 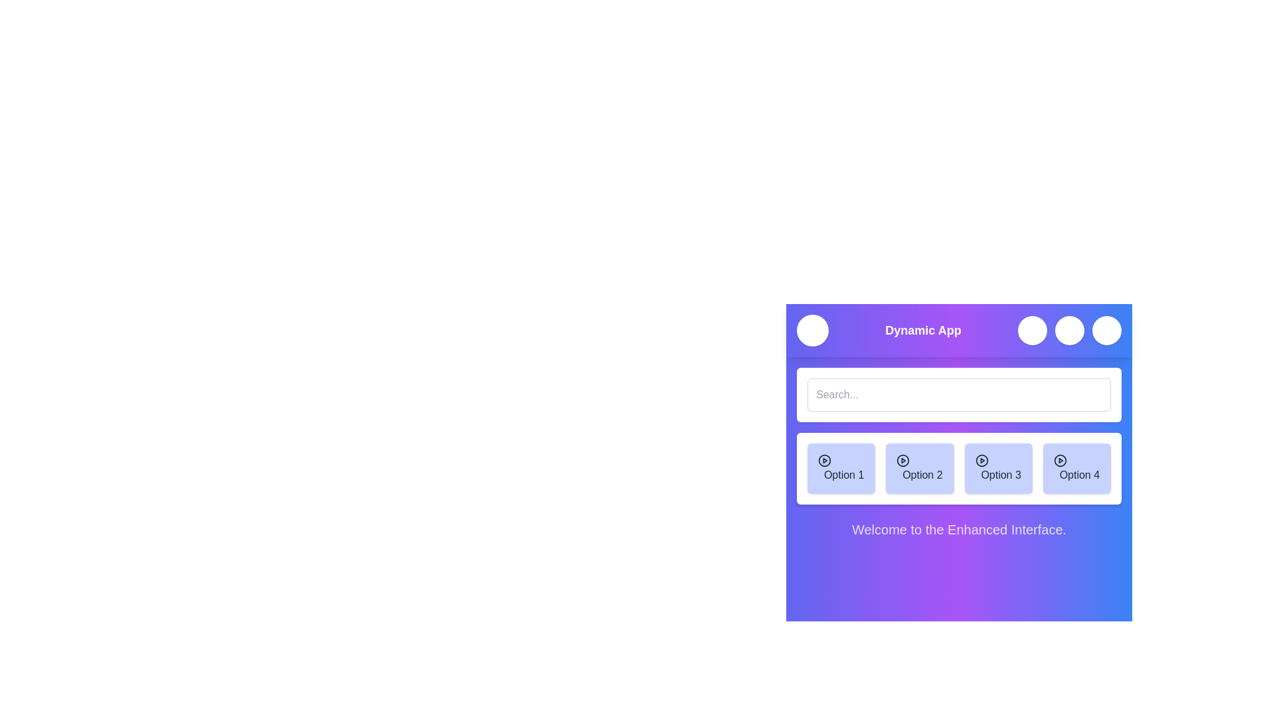 What do you see at coordinates (959, 394) in the screenshot?
I see `the search bar and type the query 'example query'` at bounding box center [959, 394].